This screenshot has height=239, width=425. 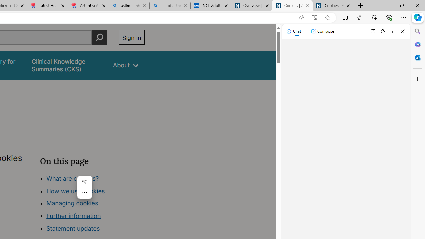 What do you see at coordinates (66, 65) in the screenshot?
I see `'false'` at bounding box center [66, 65].